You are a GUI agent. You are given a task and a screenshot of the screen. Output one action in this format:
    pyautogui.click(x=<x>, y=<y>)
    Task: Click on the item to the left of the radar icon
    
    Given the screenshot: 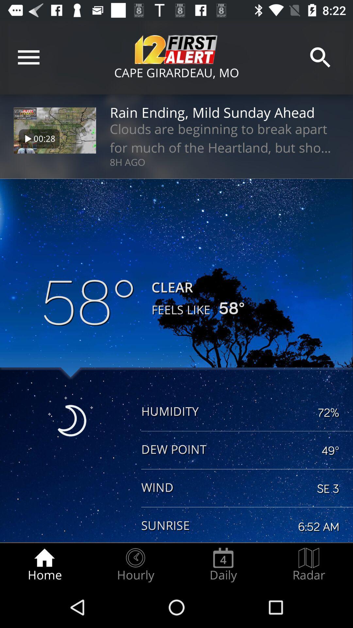 What is the action you would take?
    pyautogui.click(x=223, y=565)
    